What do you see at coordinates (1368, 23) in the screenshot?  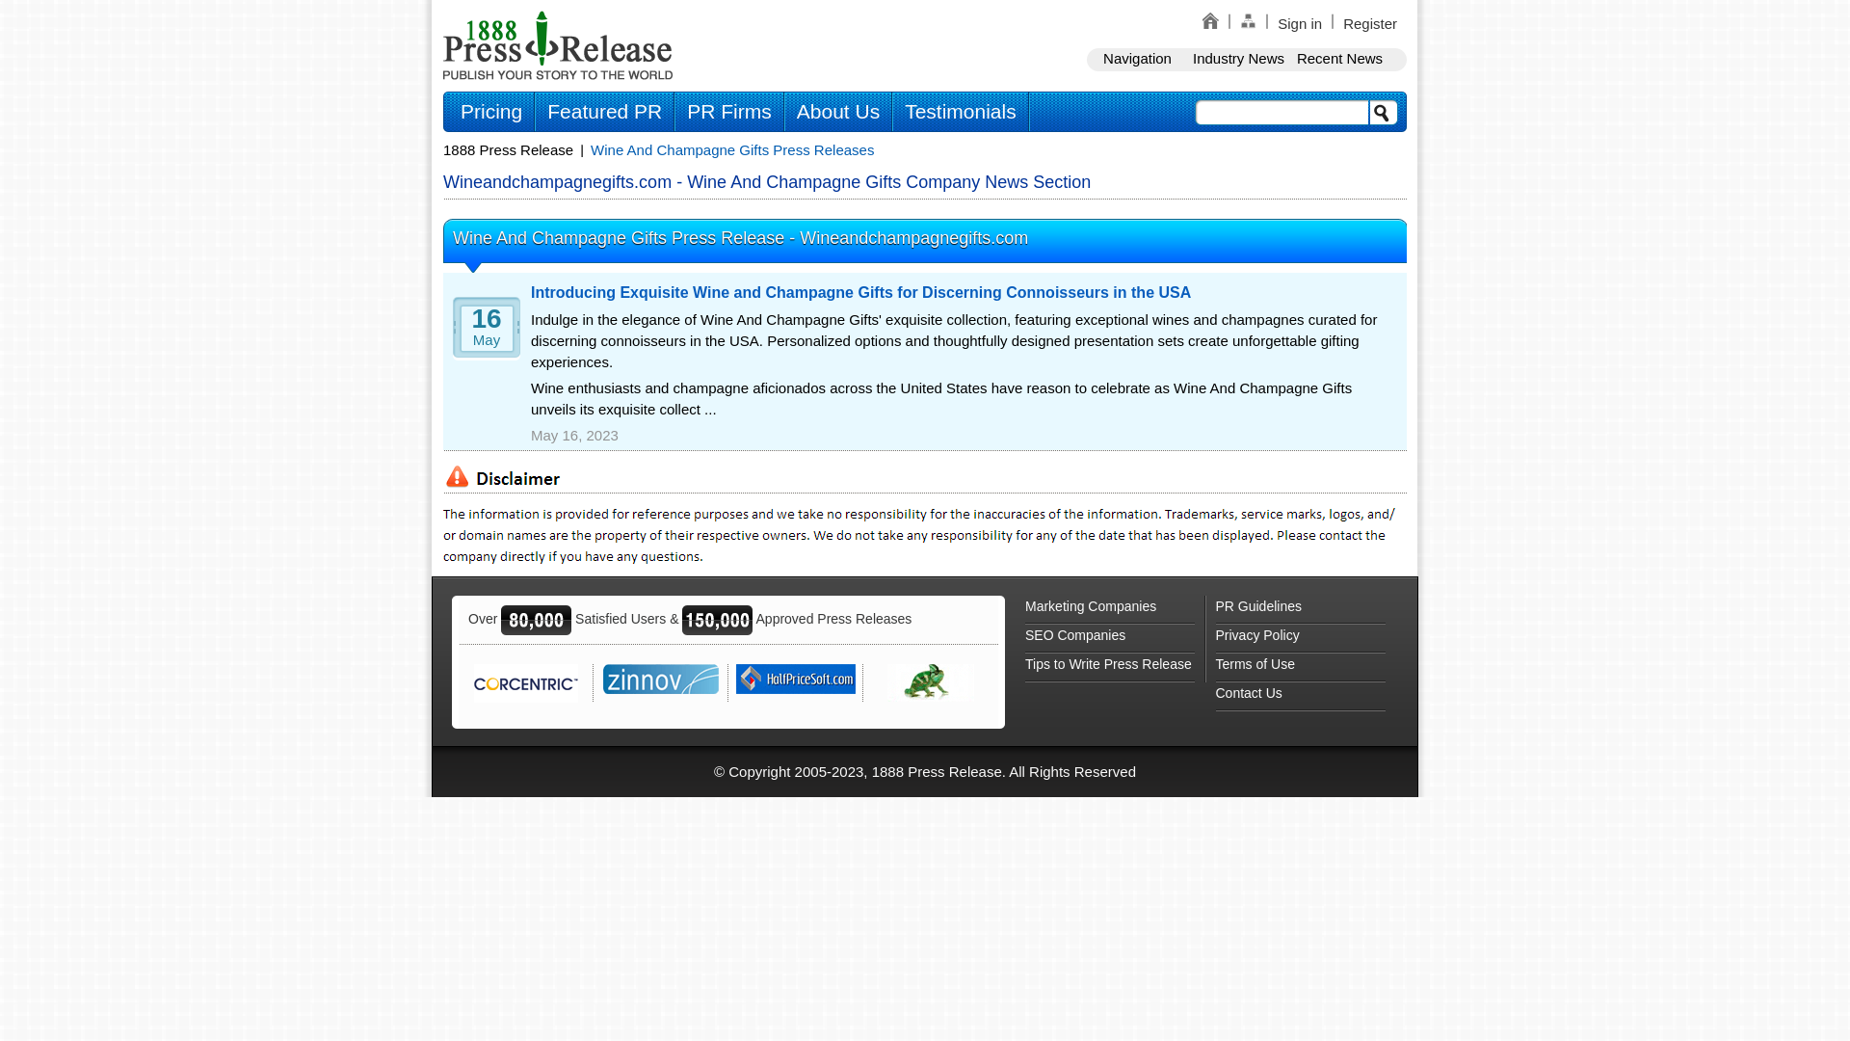 I see `'Register'` at bounding box center [1368, 23].